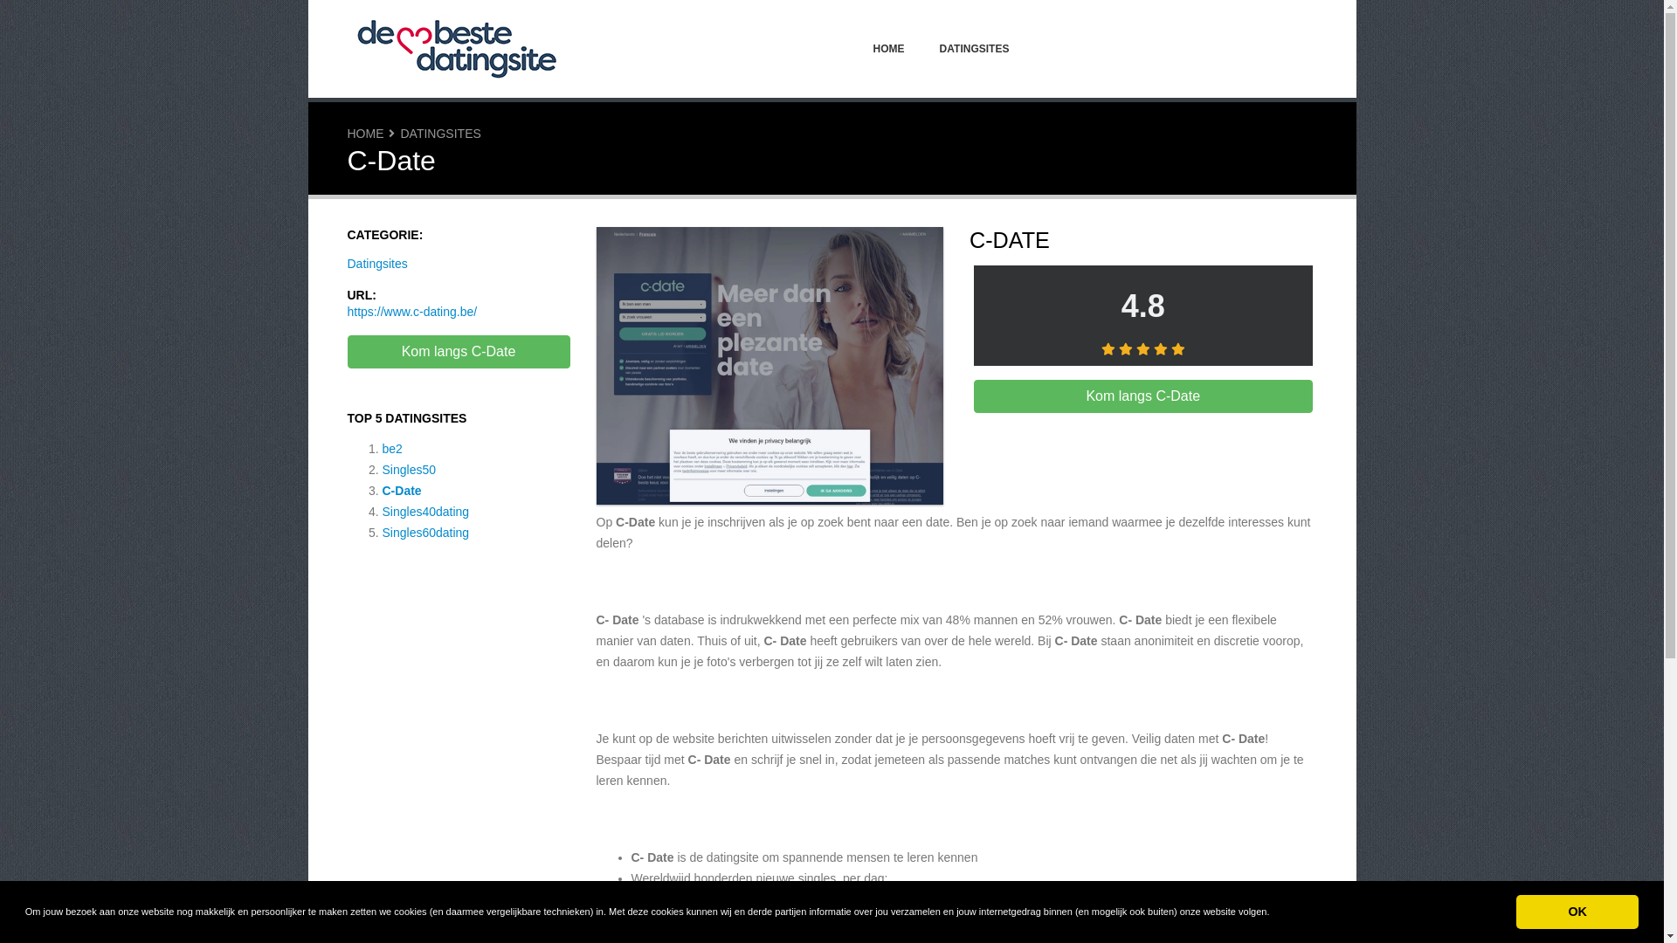 The width and height of the screenshot is (1677, 943). I want to click on 'HOME', so click(888, 47).